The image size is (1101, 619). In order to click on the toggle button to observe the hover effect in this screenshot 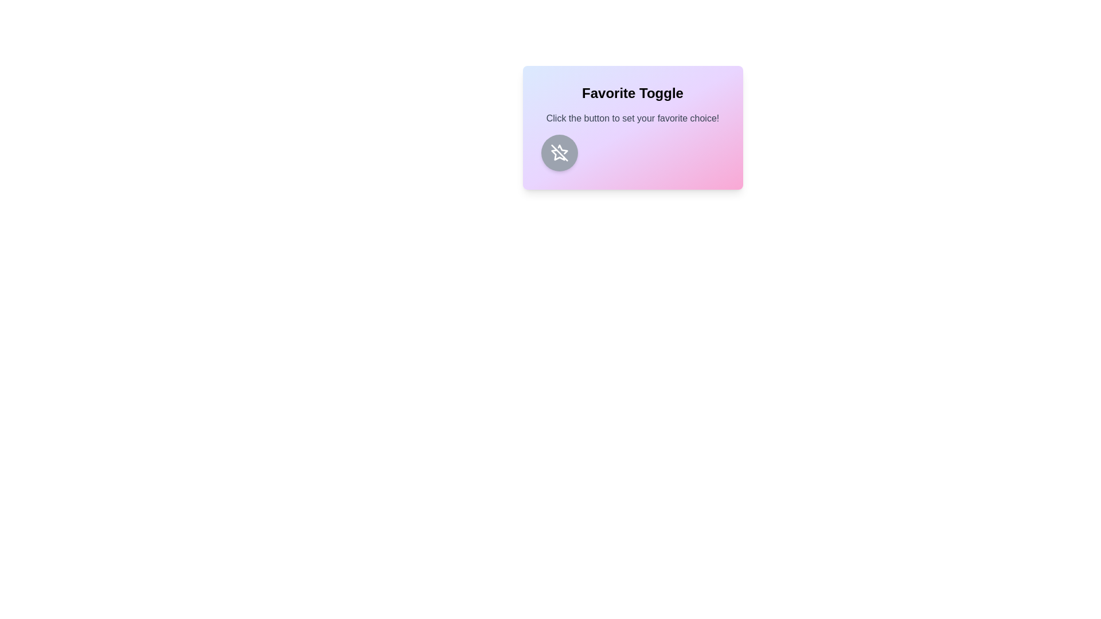, I will do `click(559, 152)`.